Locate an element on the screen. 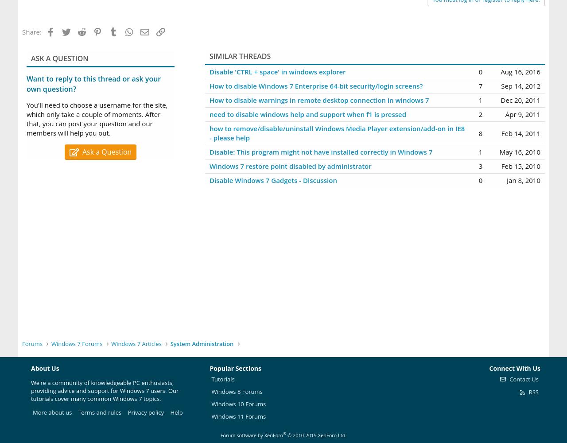 This screenshot has width=567, height=443. '2' is located at coordinates (480, 114).